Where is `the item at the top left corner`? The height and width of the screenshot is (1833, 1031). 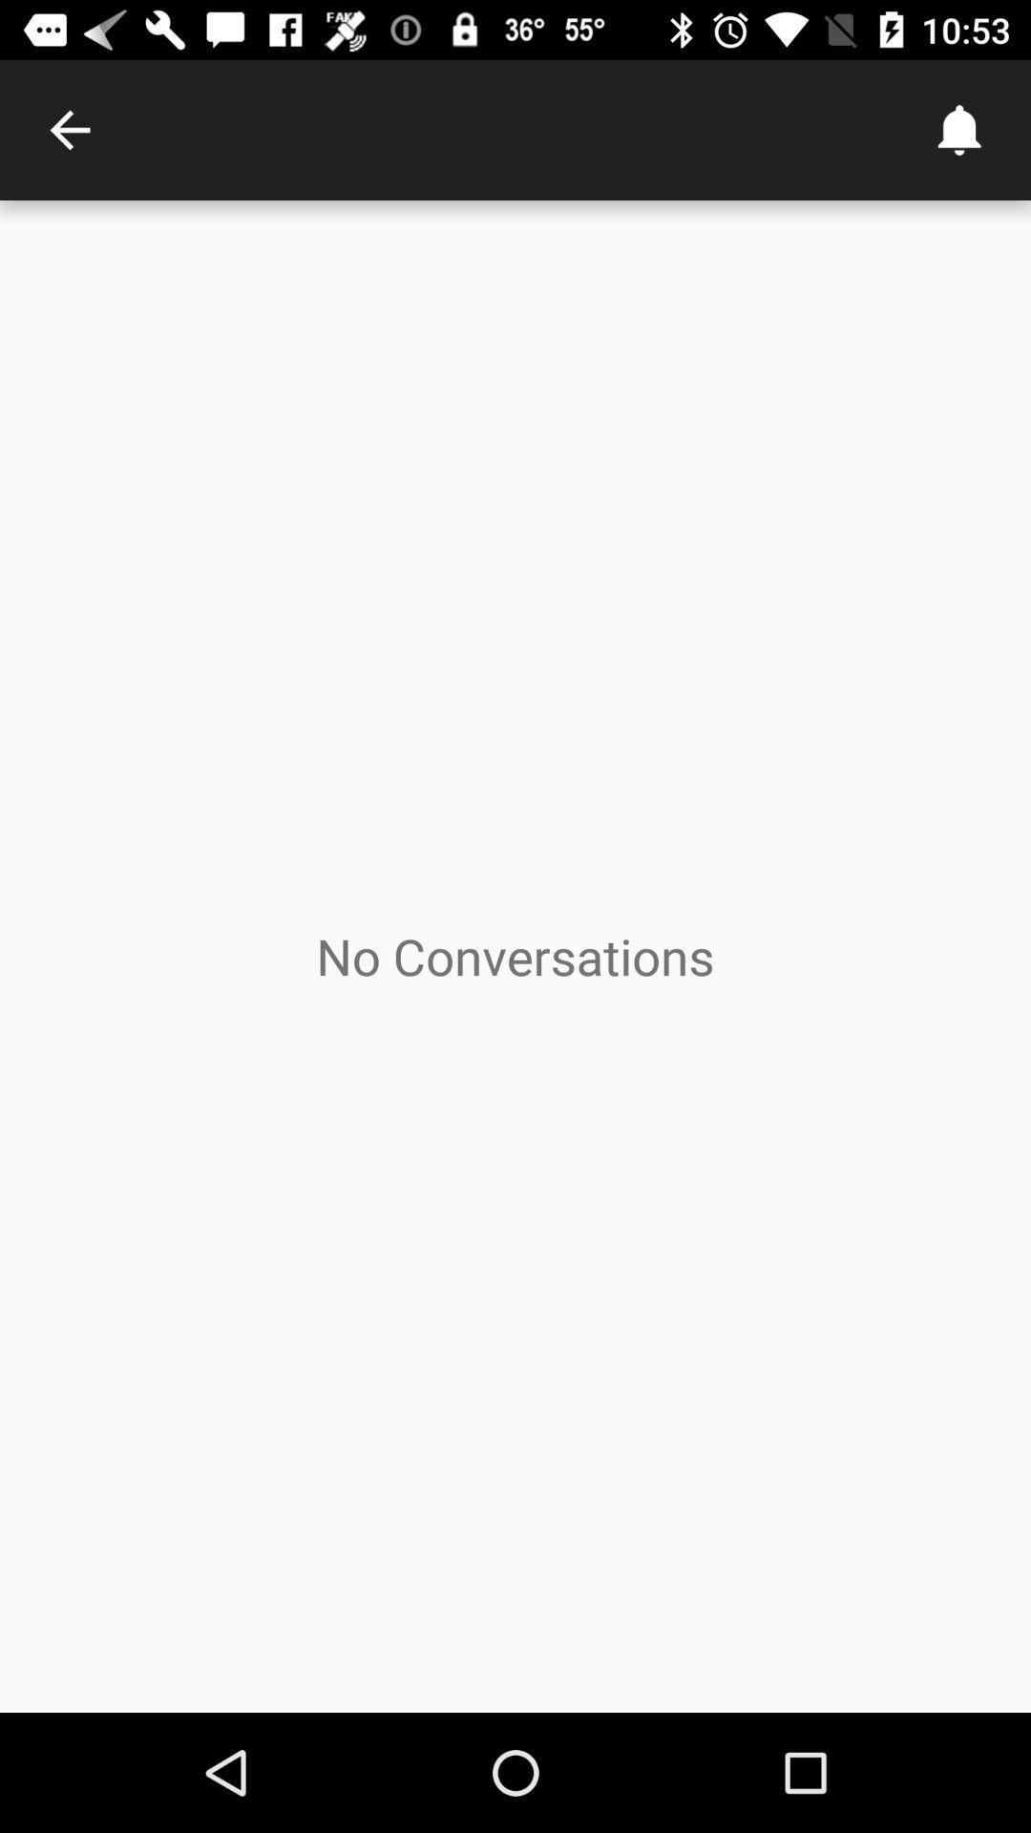
the item at the top left corner is located at coordinates (69, 129).